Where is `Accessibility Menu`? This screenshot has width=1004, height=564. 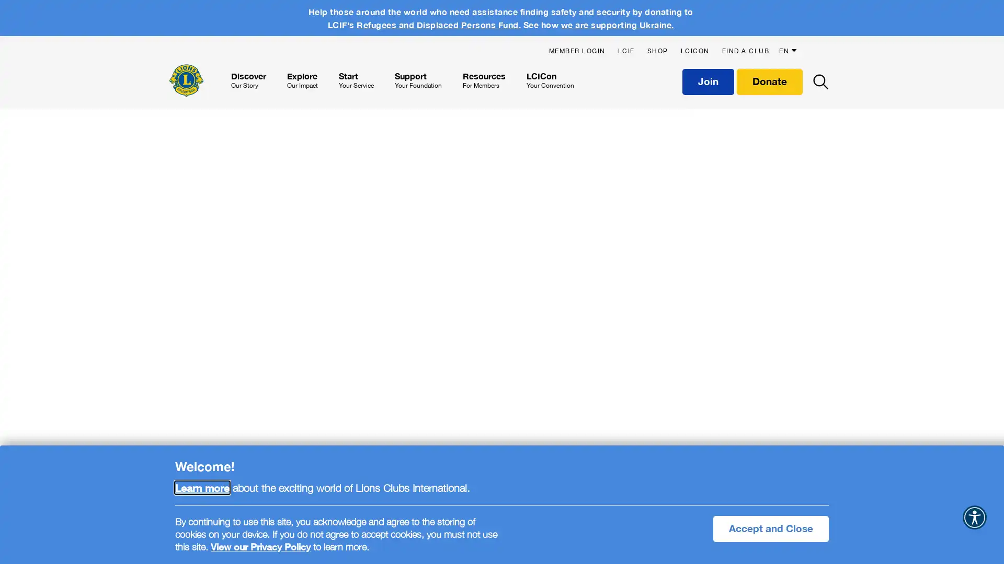
Accessibility Menu is located at coordinates (974, 518).